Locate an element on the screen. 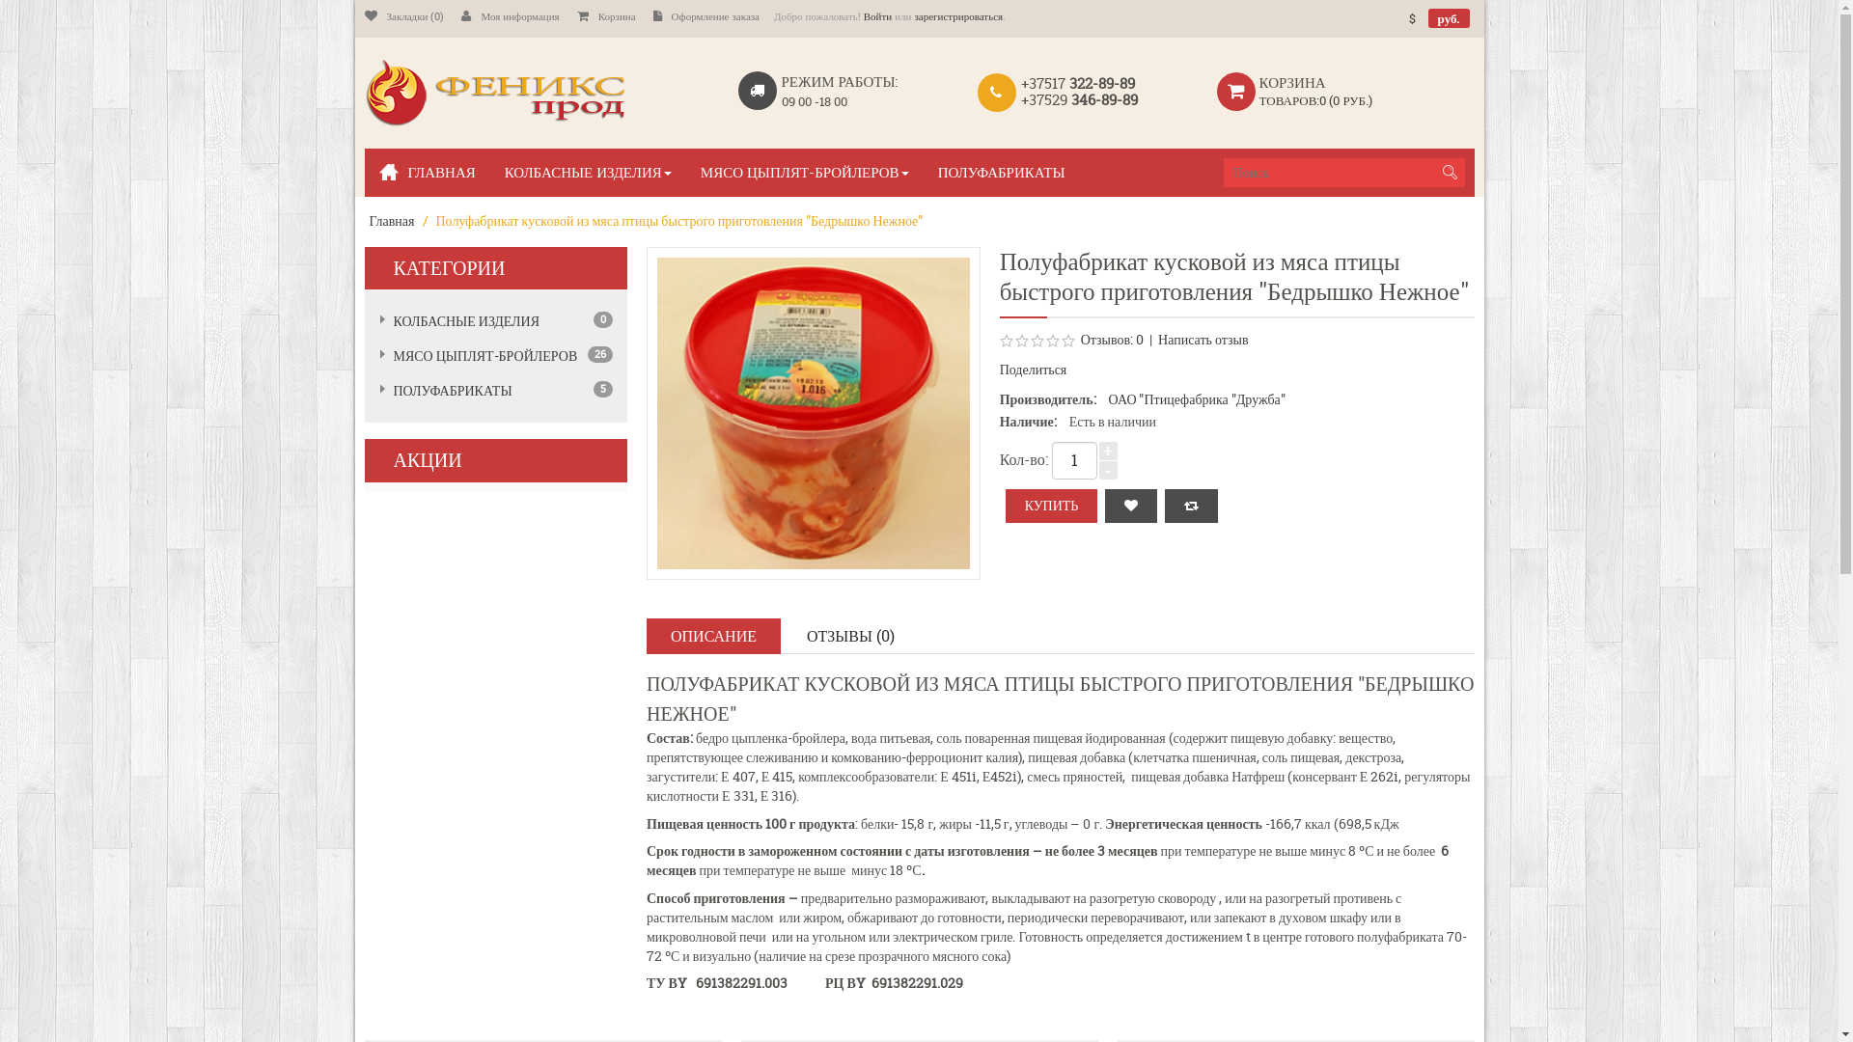  '$' is located at coordinates (1412, 18).